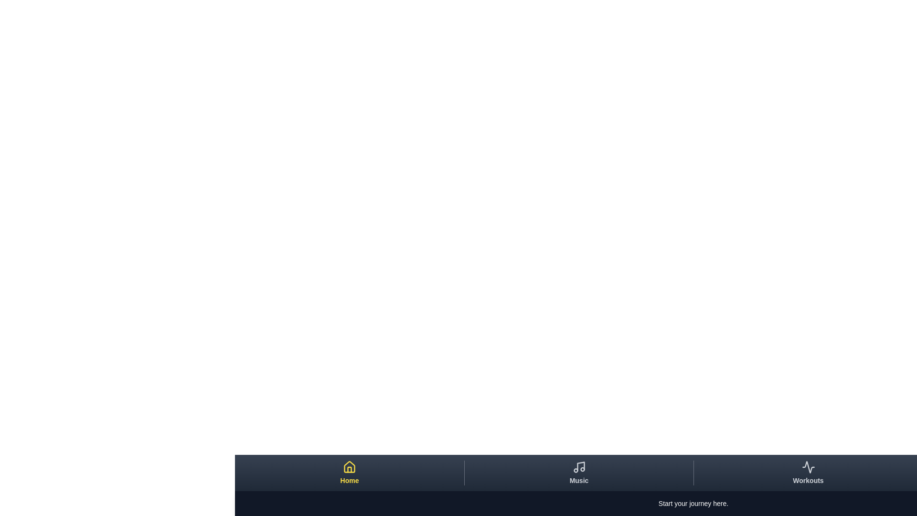  Describe the element at coordinates (578, 473) in the screenshot. I see `the tab Music to preview its hover effects` at that location.